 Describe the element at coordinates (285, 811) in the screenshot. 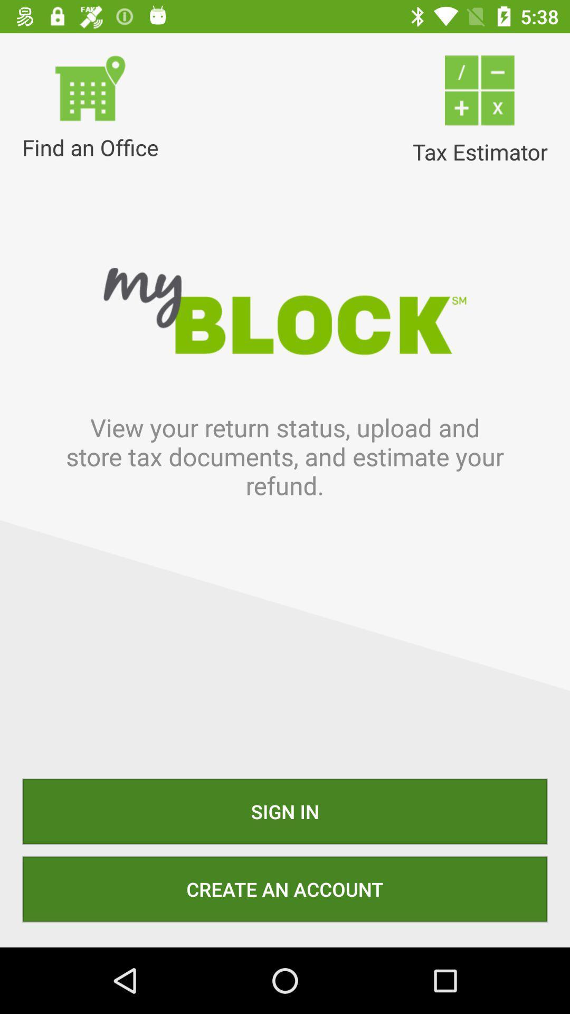

I see `sign in` at that location.